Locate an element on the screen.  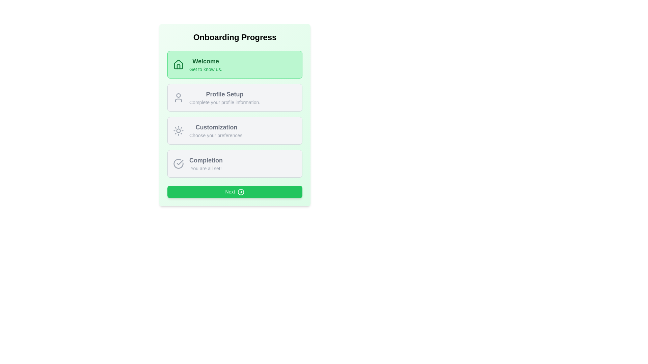
the small house-shaped icon representing the active 'Welcome' button in the onboarding progress interface, located at the top left of the button's label is located at coordinates (178, 66).